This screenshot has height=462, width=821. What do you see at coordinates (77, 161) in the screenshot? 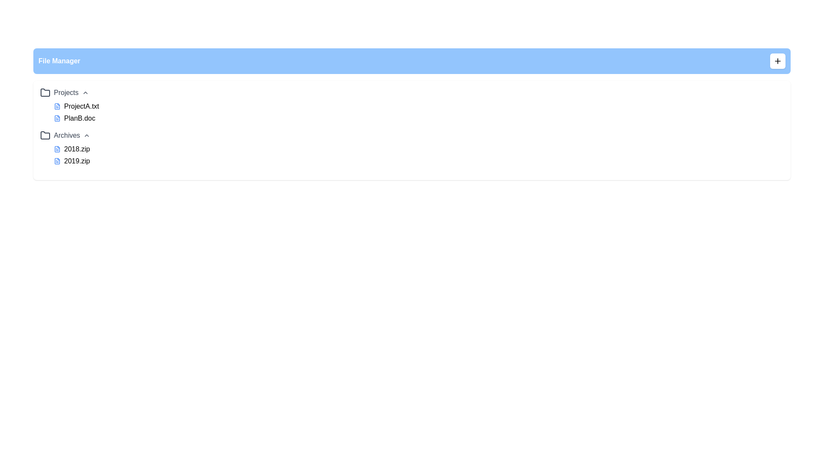
I see `the text label identifying the file named '2019.zip' located beneath '2018.zip' in the 'Archives' folder` at bounding box center [77, 161].